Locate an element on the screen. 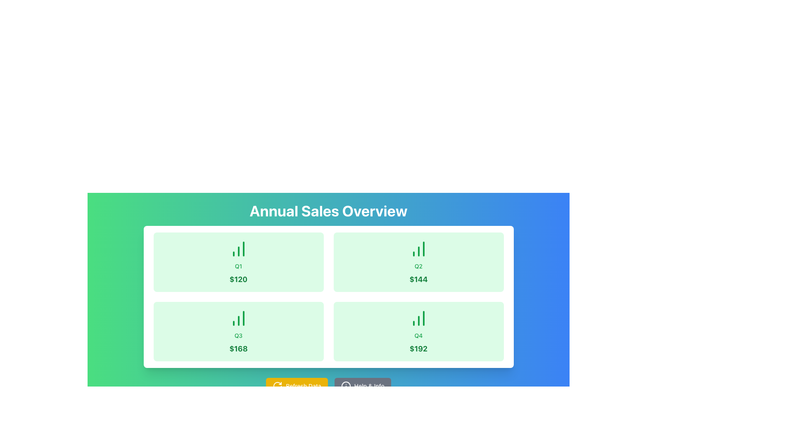  the data card displaying the value '$192' for Q4, located in the bottom right corner of the 2x2 grid layout is located at coordinates (418, 331).